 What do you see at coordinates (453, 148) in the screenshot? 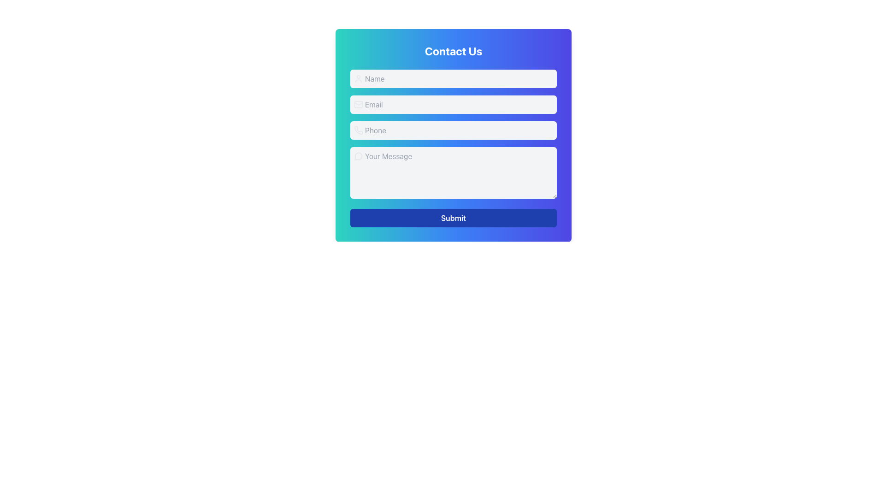
I see `the multi-line text input area located below the 'Name', 'Email', and 'Phone' fields within the 'Contact Us' card to focus on it` at bounding box center [453, 148].